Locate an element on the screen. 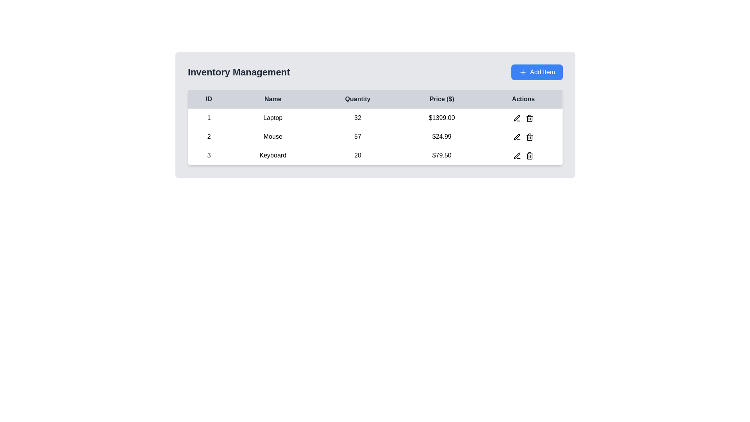 This screenshot has height=422, width=750. the delete icon button for the item 'Mouse' located in the 'Actions' column of the second row of the table to provide potential visual feedback is located at coordinates (529, 136).